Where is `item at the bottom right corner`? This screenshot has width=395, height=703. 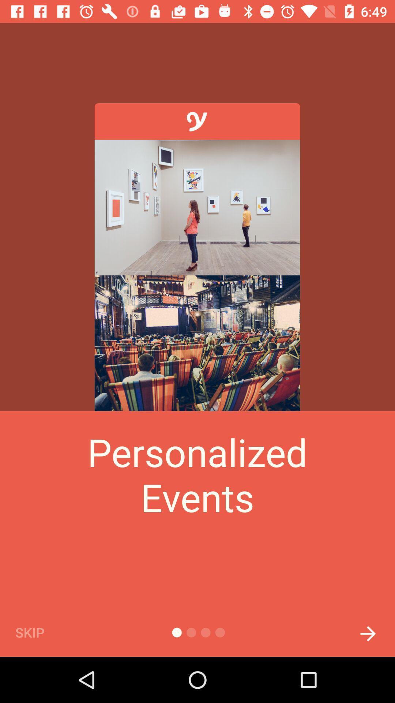 item at the bottom right corner is located at coordinates (368, 631).